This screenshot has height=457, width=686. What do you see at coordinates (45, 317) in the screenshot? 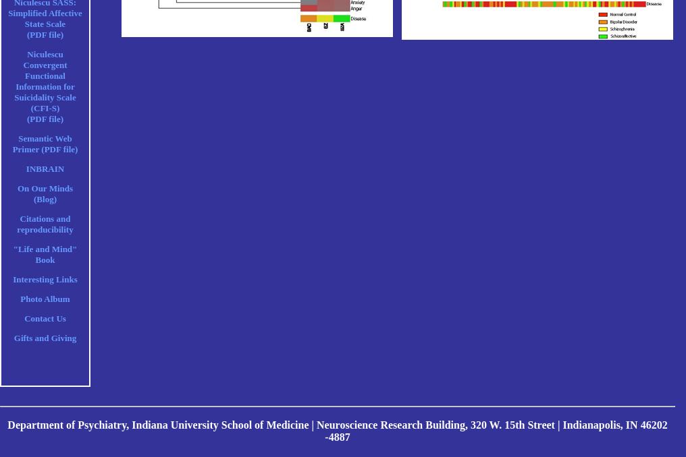
I see `'Contact Us'` at bounding box center [45, 317].